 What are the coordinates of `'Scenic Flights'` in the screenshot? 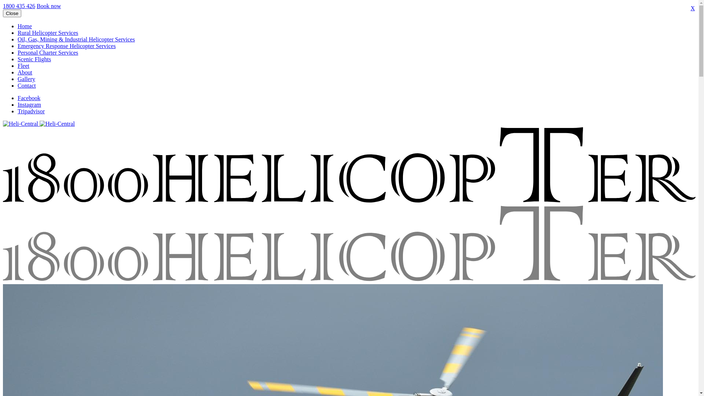 It's located at (34, 59).